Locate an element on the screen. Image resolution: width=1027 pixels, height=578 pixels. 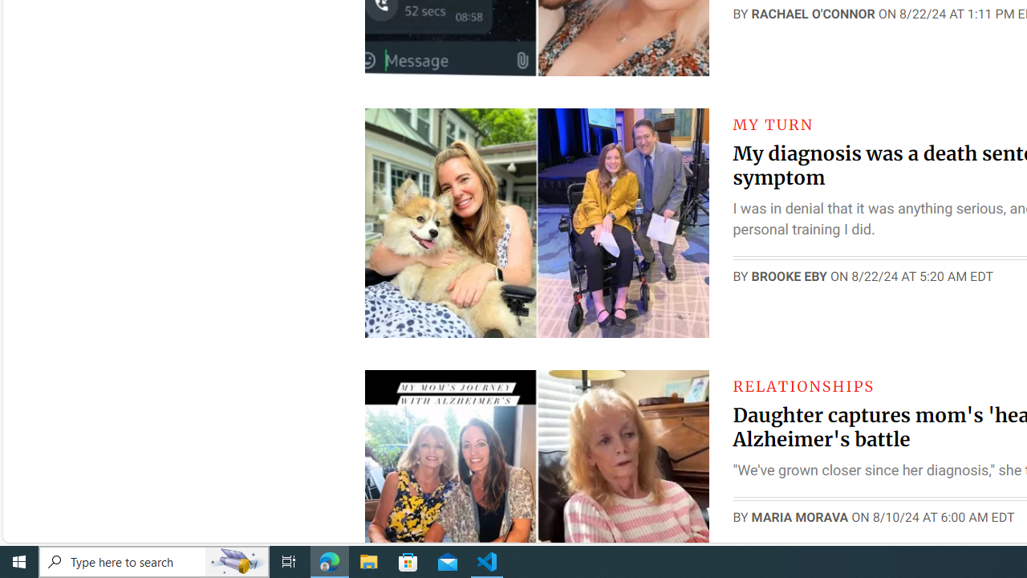
'RELATIONSHIPS' is located at coordinates (803, 385).